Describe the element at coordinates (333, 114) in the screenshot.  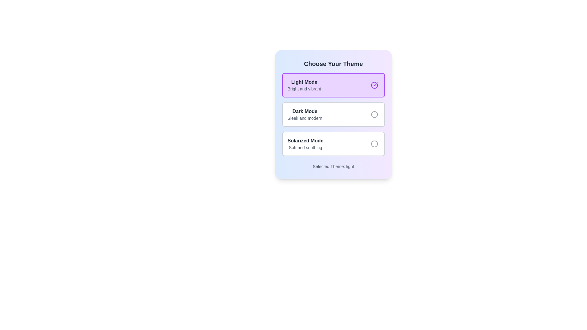
I see `the 'Dark Mode' selectable list item` at that location.